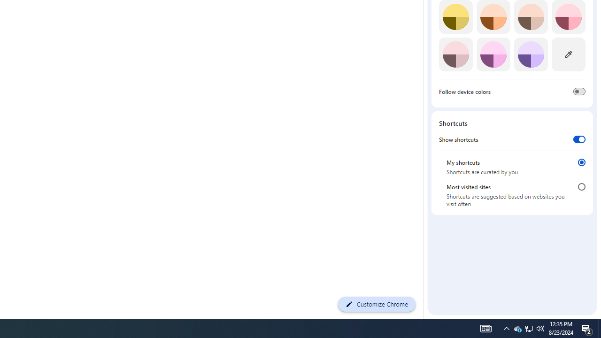 The height and width of the screenshot is (338, 601). What do you see at coordinates (581, 187) in the screenshot?
I see `'Most visited sites'` at bounding box center [581, 187].